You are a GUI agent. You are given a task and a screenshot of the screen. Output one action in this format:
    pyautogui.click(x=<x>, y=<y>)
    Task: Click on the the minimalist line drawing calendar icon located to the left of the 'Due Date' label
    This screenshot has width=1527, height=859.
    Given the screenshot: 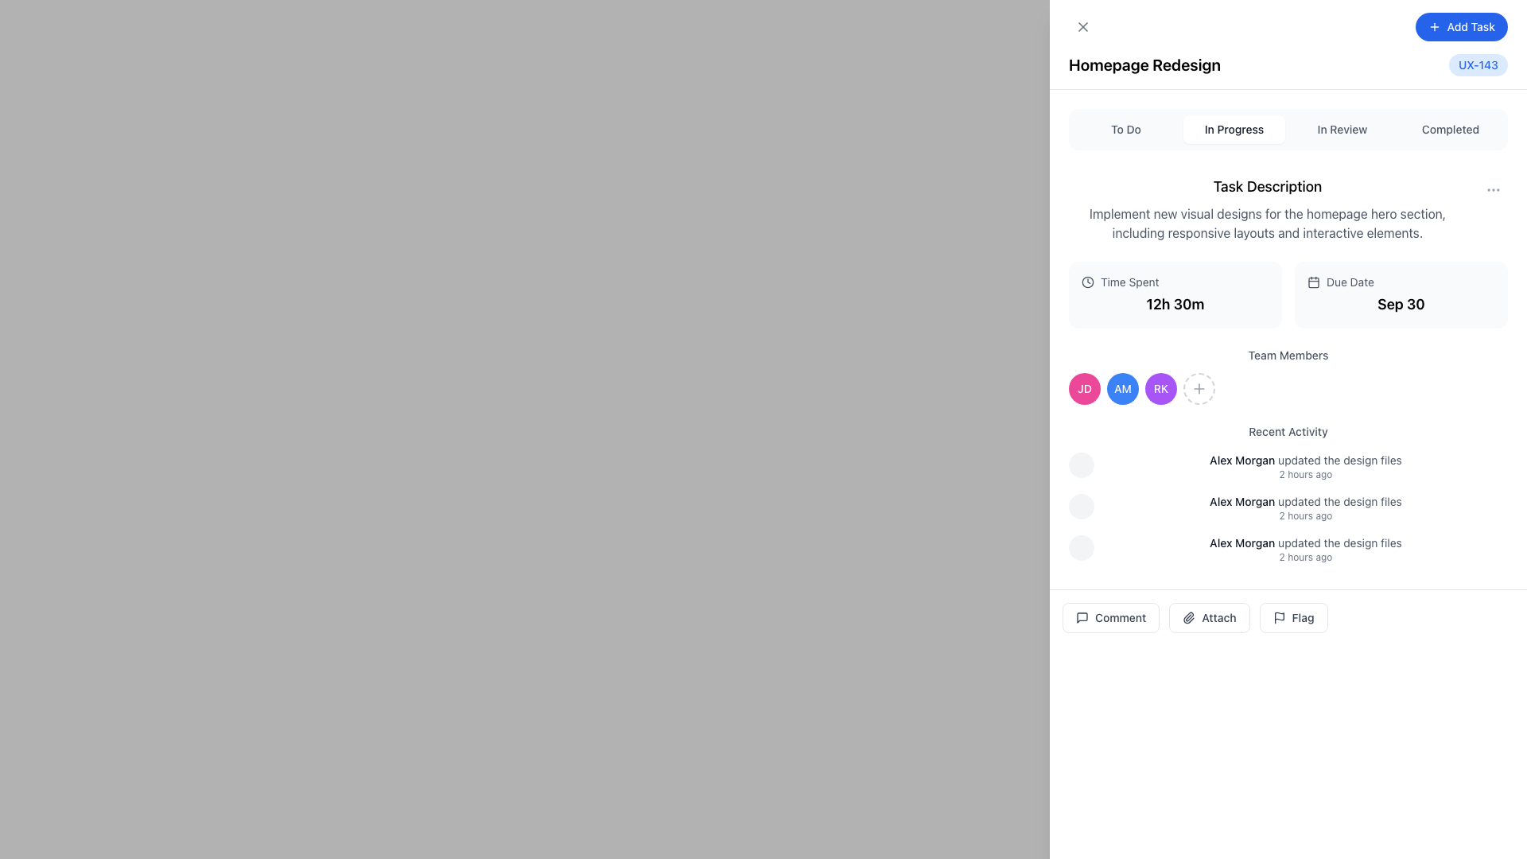 What is the action you would take?
    pyautogui.click(x=1313, y=281)
    